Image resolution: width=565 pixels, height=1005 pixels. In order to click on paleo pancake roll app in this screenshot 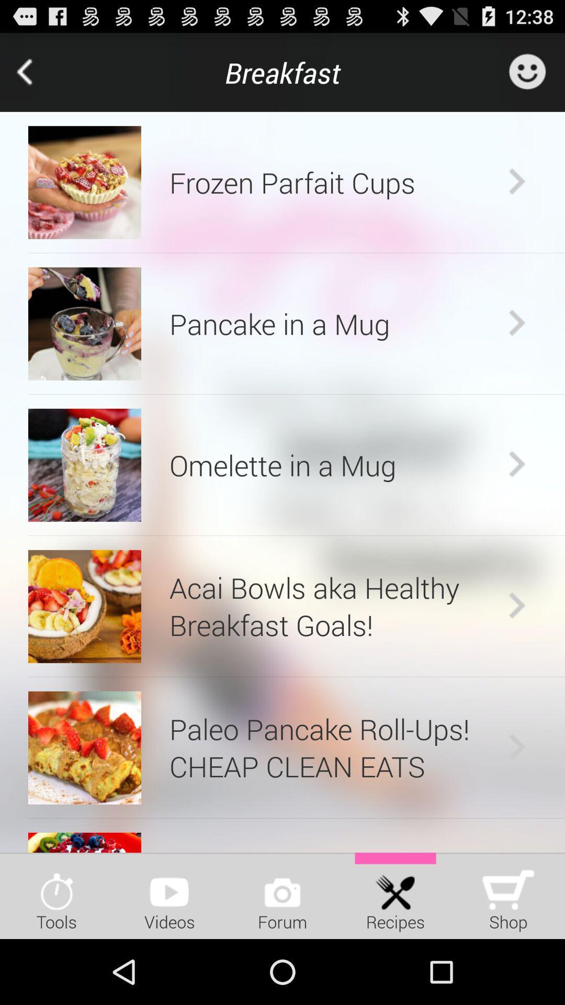, I will do `click(336, 747)`.